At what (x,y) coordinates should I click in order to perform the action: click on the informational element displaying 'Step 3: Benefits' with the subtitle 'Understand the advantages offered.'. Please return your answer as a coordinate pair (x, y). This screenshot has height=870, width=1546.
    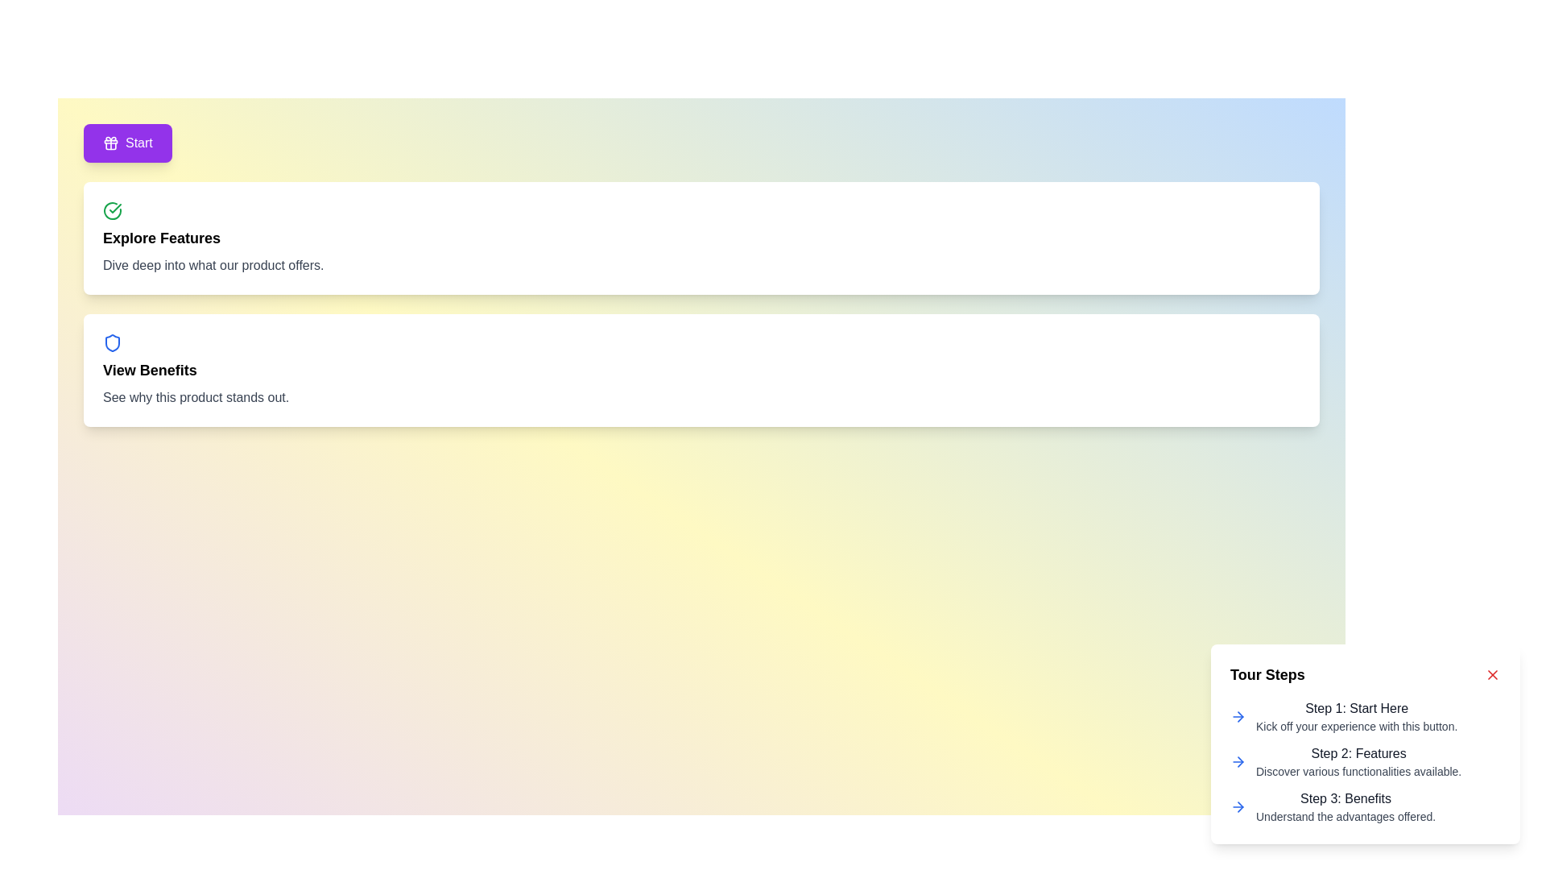
    Looking at the image, I should click on (1364, 807).